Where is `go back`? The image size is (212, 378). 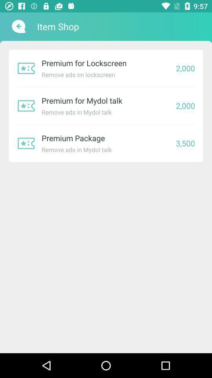
go back is located at coordinates (18, 26).